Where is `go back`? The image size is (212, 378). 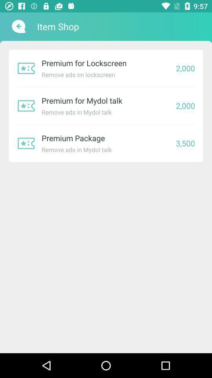
go back is located at coordinates (18, 26).